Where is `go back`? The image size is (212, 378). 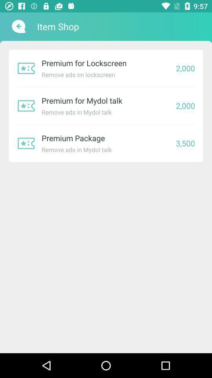
go back is located at coordinates (18, 26).